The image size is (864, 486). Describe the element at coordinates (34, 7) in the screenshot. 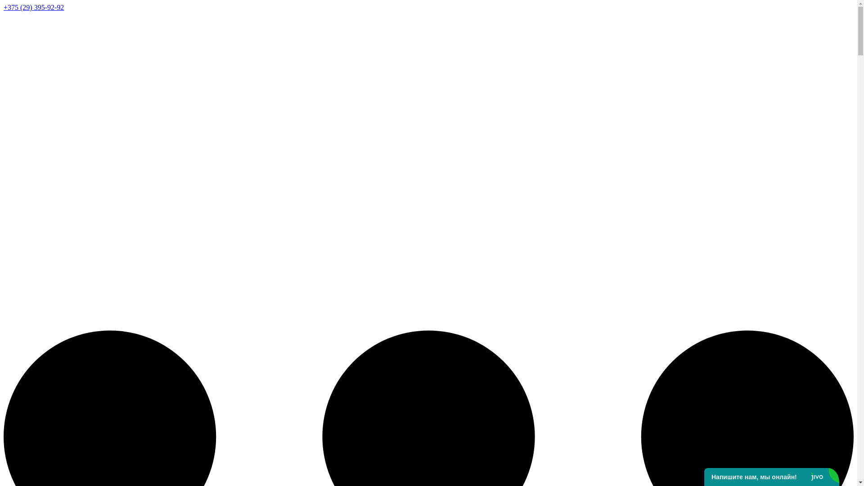

I see `'+375 (29) 395-92-92'` at that location.